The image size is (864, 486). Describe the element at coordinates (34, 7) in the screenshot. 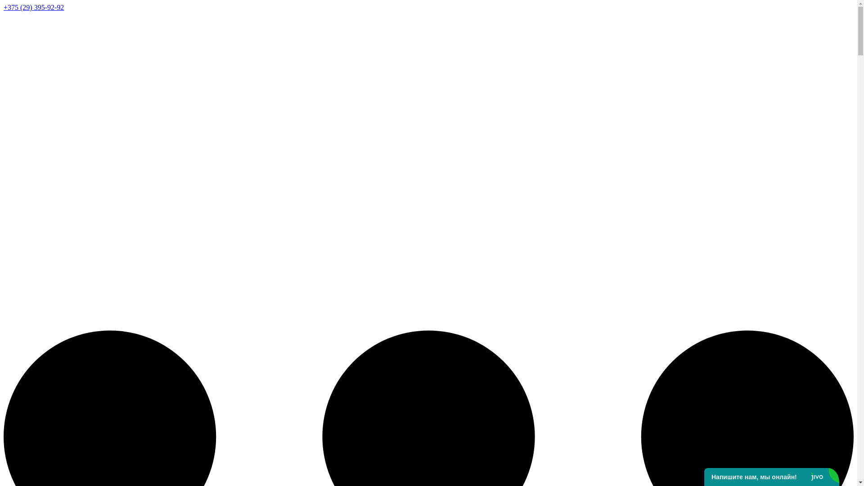

I see `'+375 (29) 395-92-92'` at that location.